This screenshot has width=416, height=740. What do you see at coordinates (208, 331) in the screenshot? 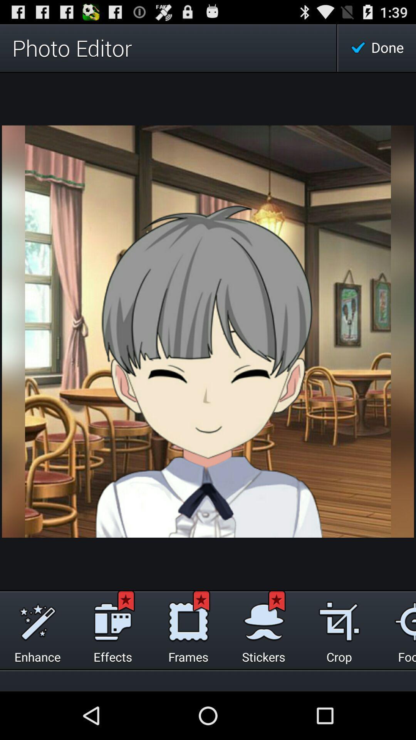
I see `the image which is below the photo editor` at bounding box center [208, 331].